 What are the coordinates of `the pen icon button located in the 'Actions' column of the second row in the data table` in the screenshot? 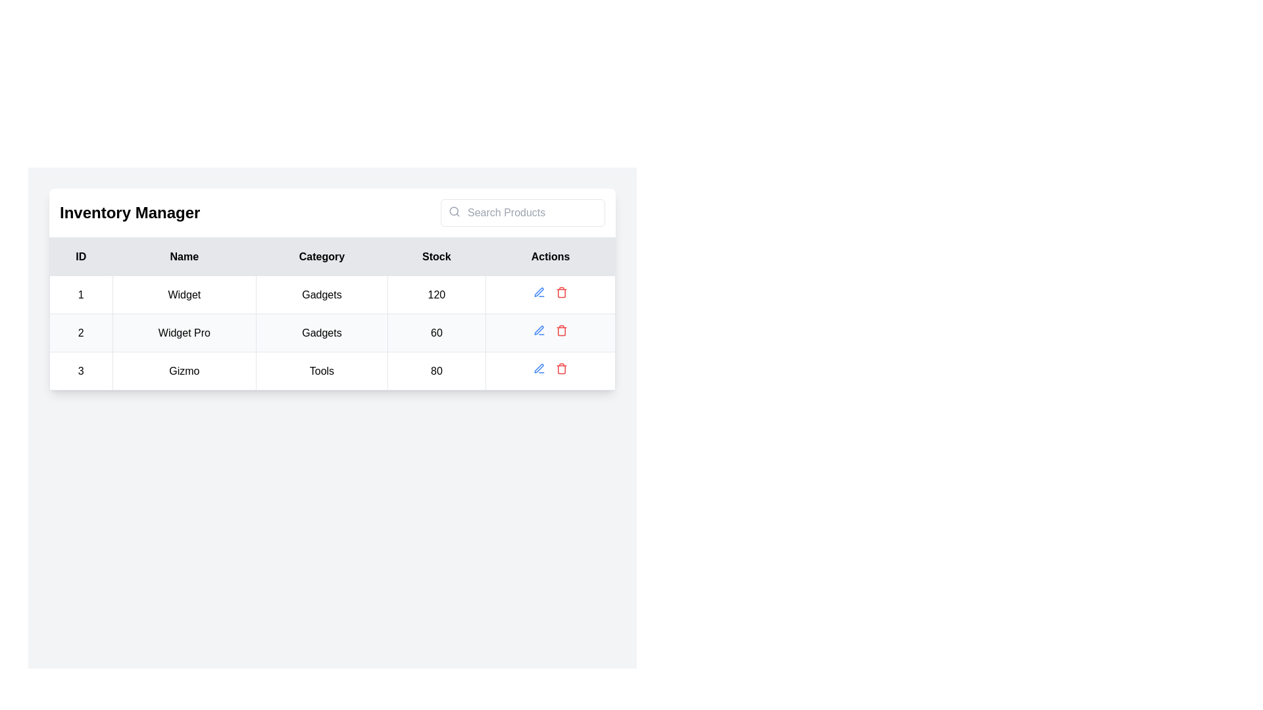 It's located at (539, 329).